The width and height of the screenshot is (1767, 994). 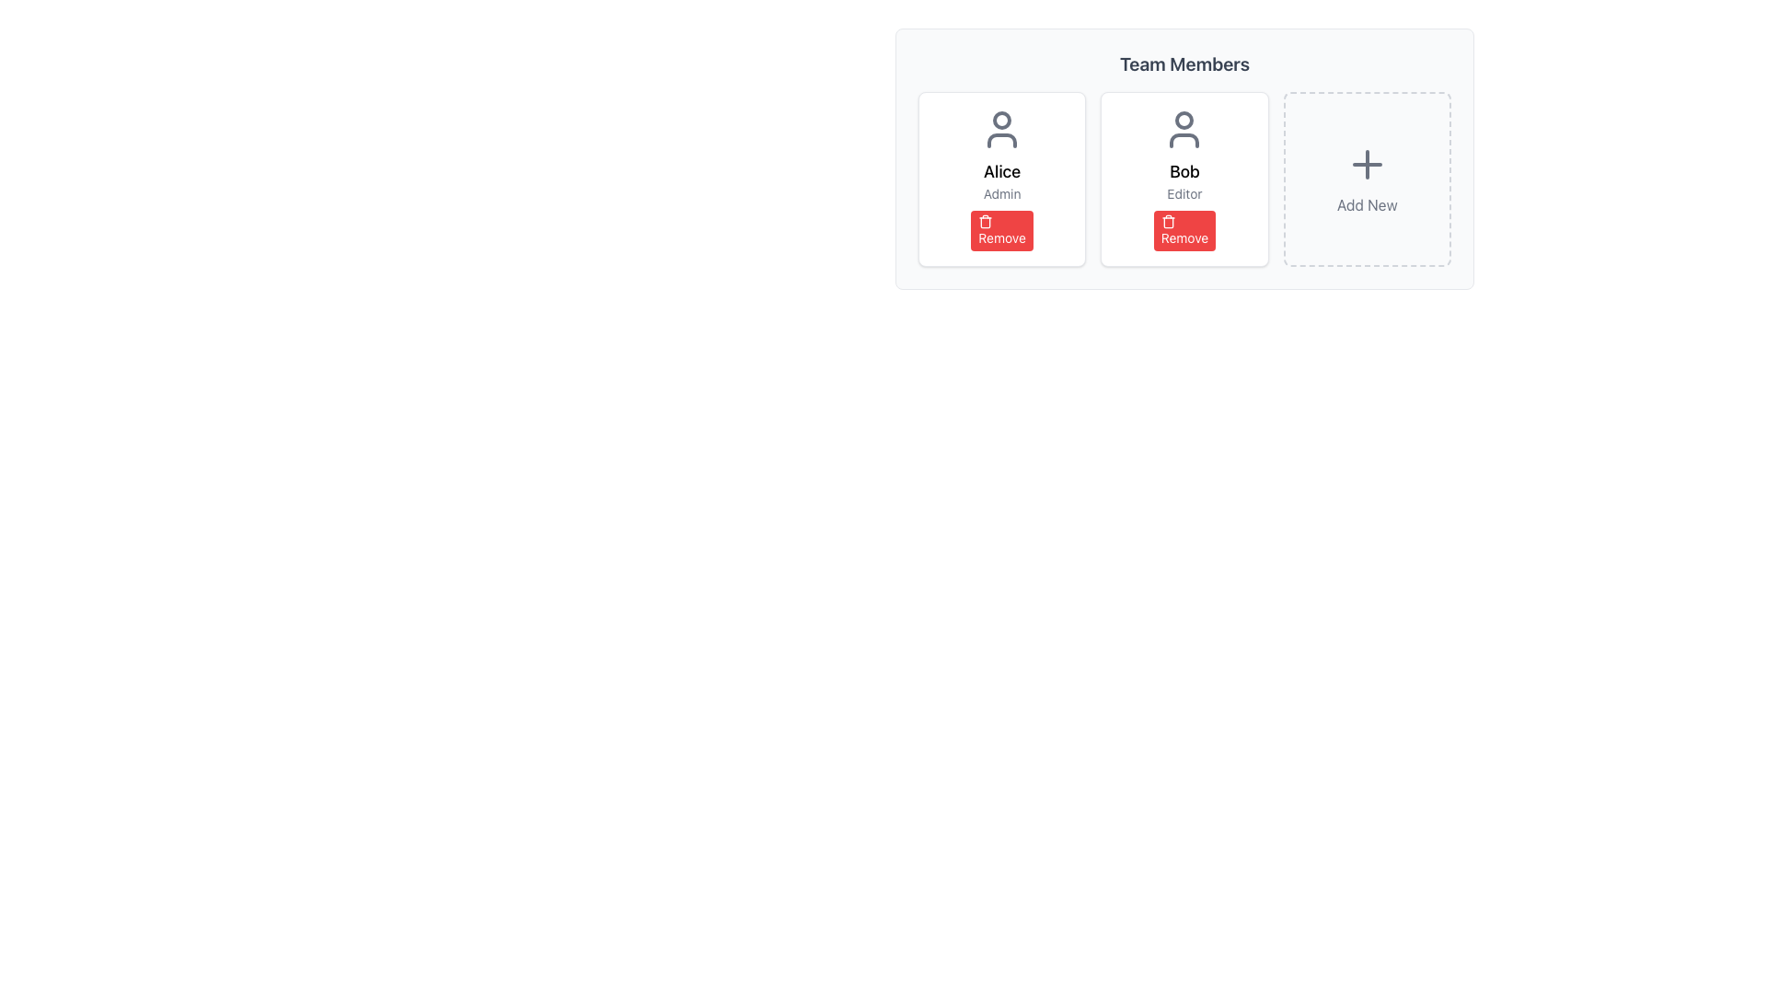 What do you see at coordinates (1184, 171) in the screenshot?
I see `the text label displaying the name 'Bob', which is styled to stand out and positioned above the 'Editor' label within the team member card` at bounding box center [1184, 171].